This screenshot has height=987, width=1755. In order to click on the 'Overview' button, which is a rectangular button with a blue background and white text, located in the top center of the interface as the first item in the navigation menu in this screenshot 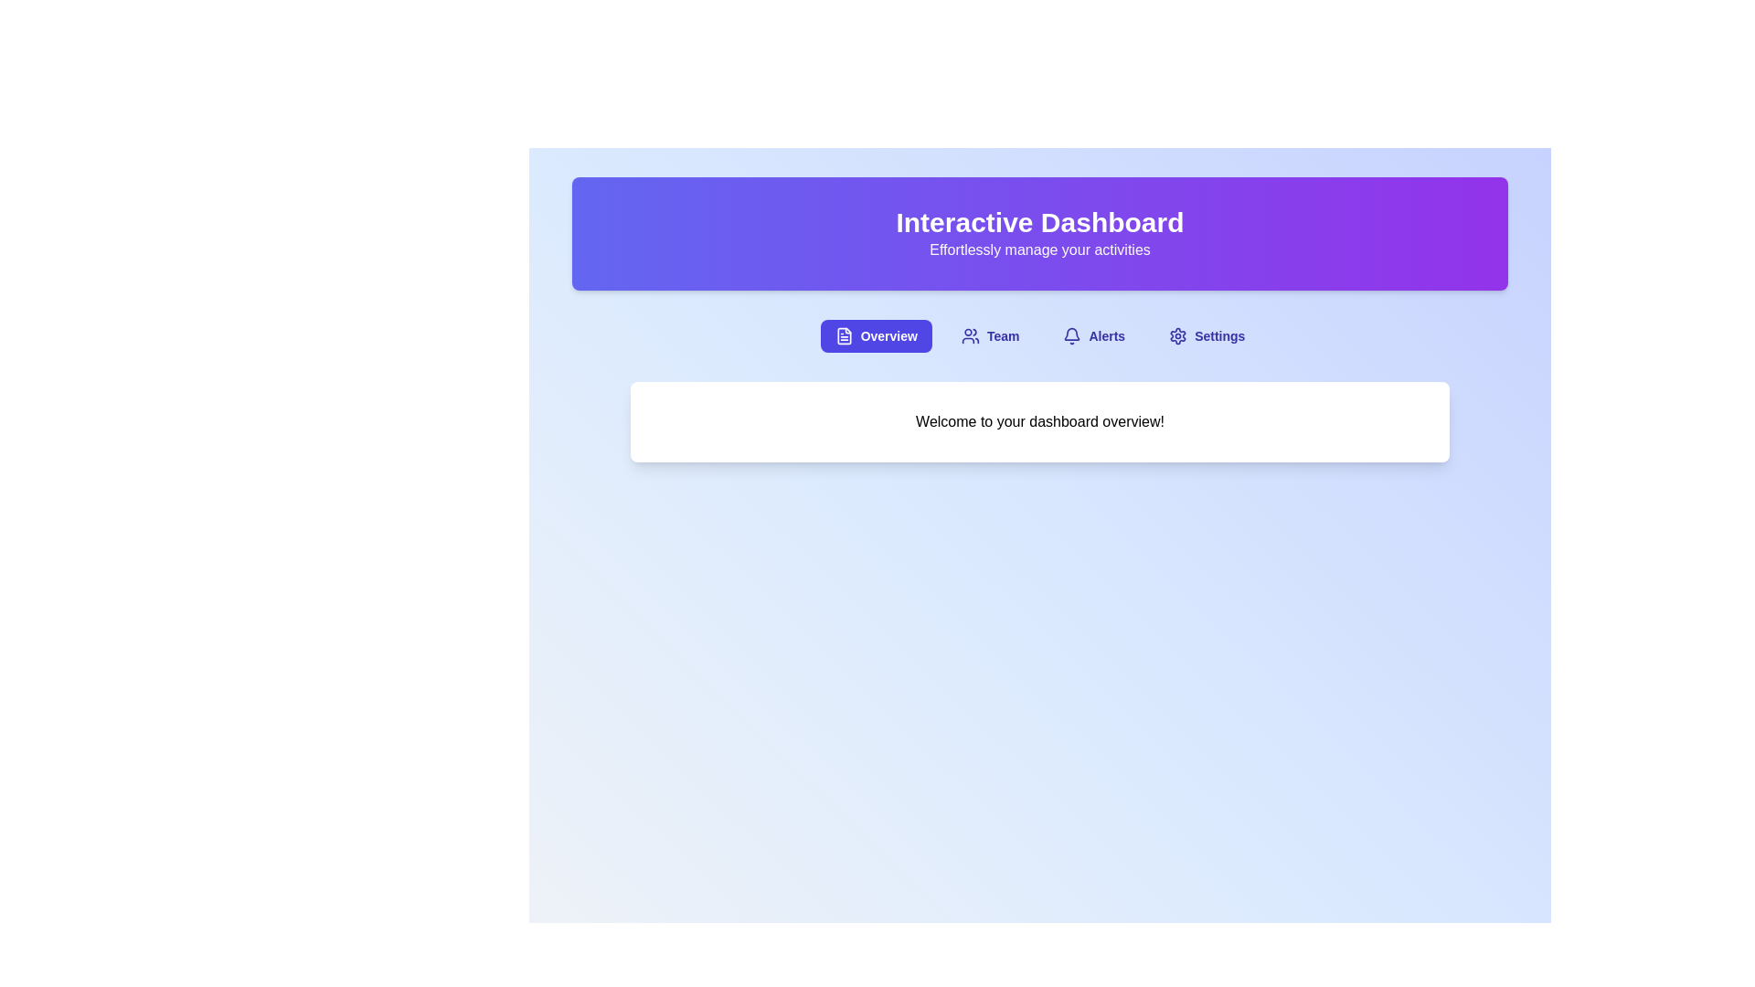, I will do `click(875, 335)`.